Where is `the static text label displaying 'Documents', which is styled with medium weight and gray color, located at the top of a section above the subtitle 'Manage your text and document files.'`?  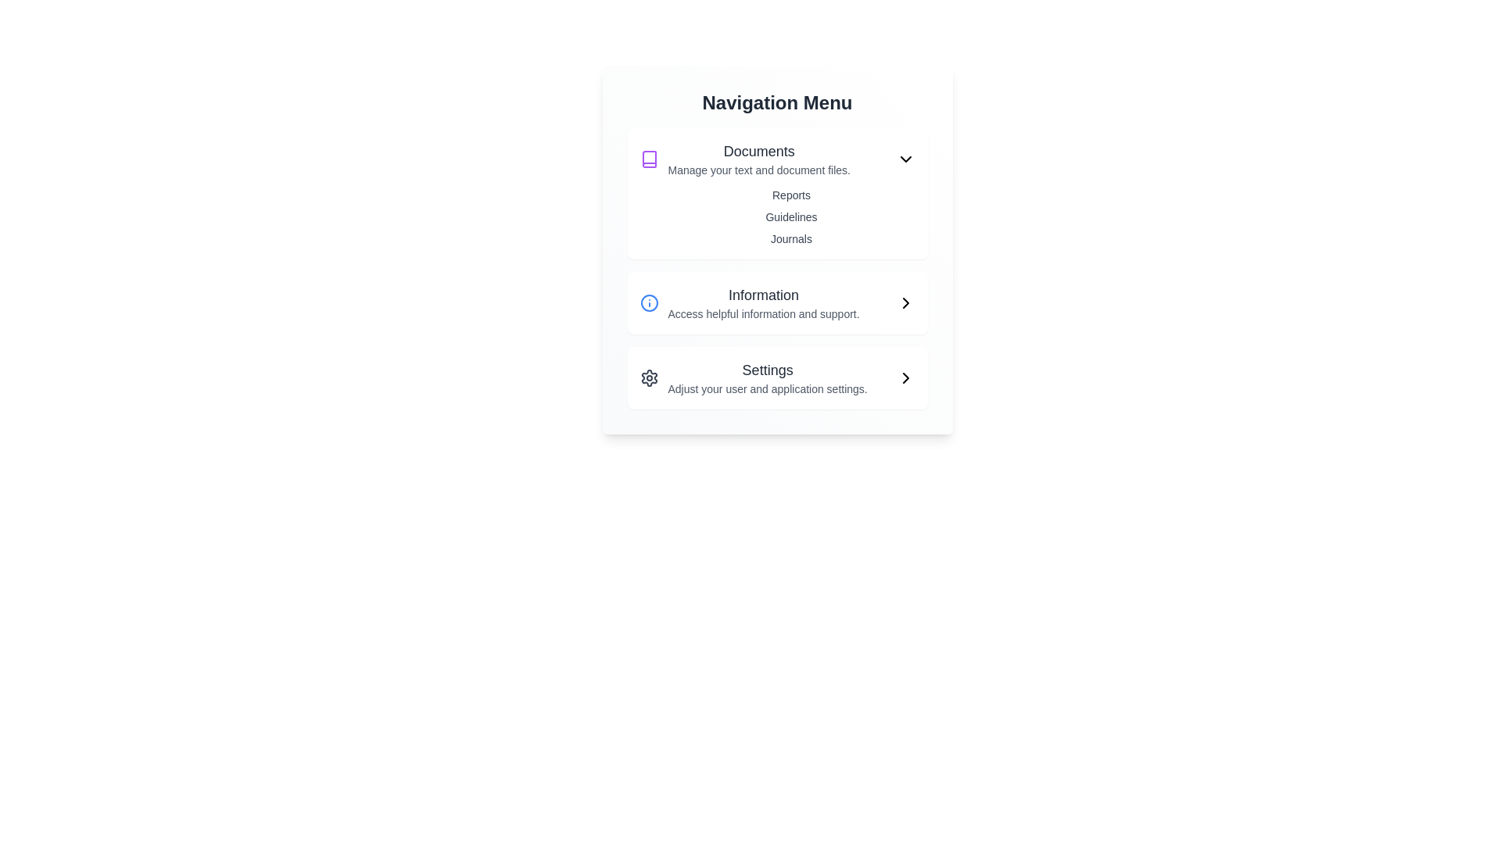
the static text label displaying 'Documents', which is styled with medium weight and gray color, located at the top of a section above the subtitle 'Manage your text and document files.' is located at coordinates (759, 151).